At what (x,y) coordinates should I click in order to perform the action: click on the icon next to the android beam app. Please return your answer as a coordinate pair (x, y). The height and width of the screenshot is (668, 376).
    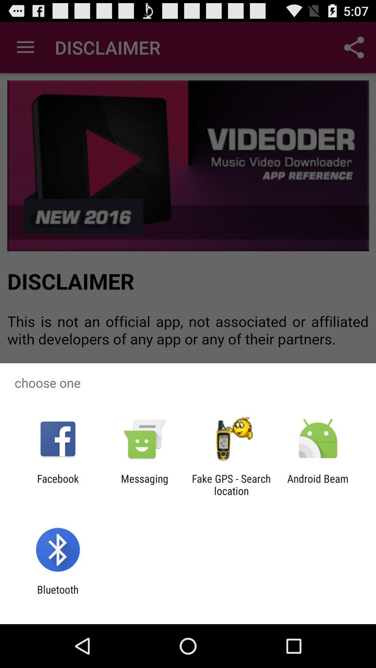
    Looking at the image, I should click on (231, 484).